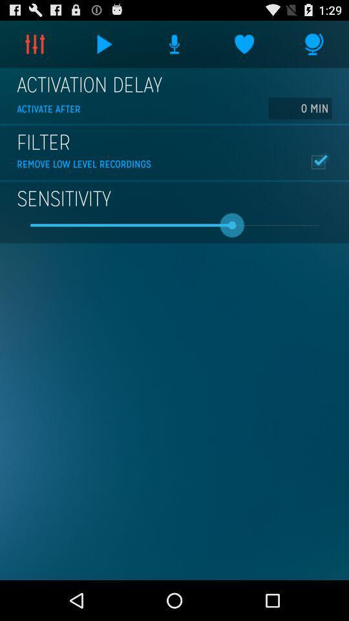 Image resolution: width=349 pixels, height=621 pixels. What do you see at coordinates (317, 161) in the screenshot?
I see `icon to the right of the remove low level item` at bounding box center [317, 161].